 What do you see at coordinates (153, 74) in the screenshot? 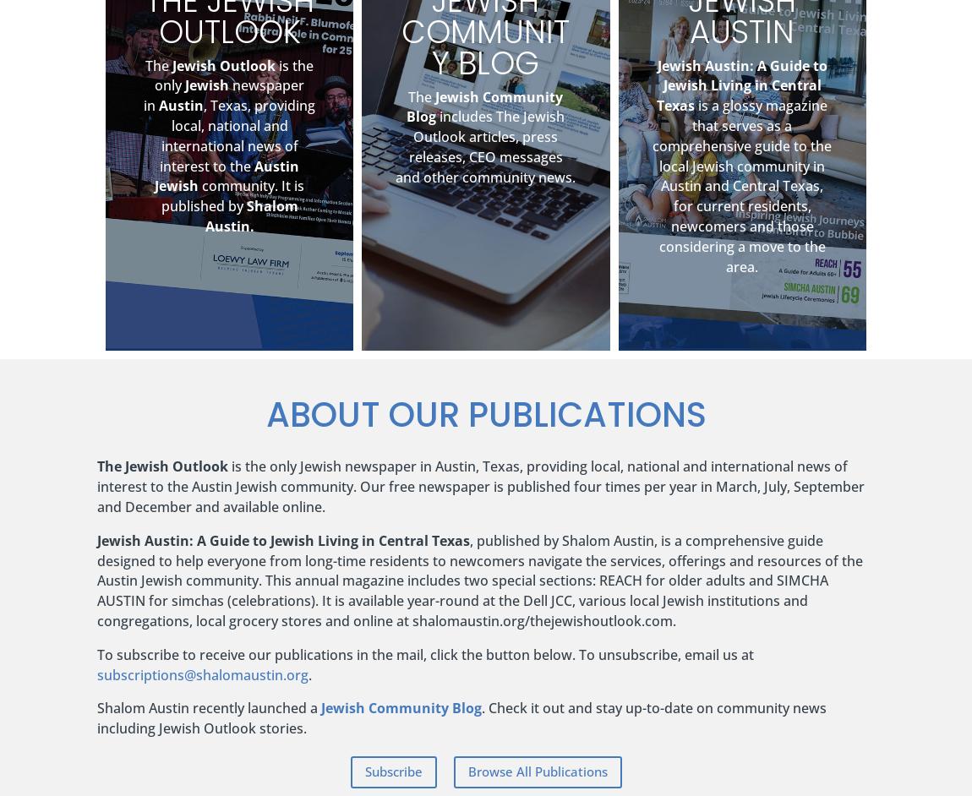
I see `'is the only'` at bounding box center [153, 74].